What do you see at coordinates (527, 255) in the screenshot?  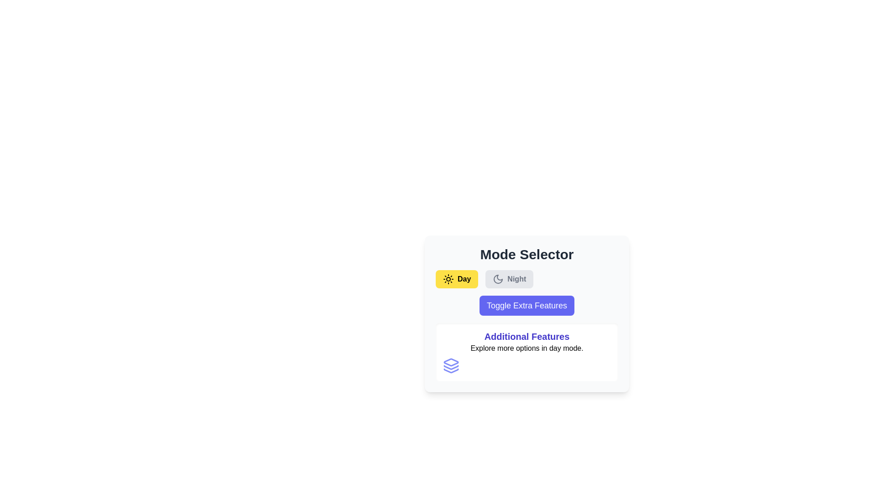 I see `the 'Mode Selector' text label, which serves as a header for the mode selection functionalities` at bounding box center [527, 255].